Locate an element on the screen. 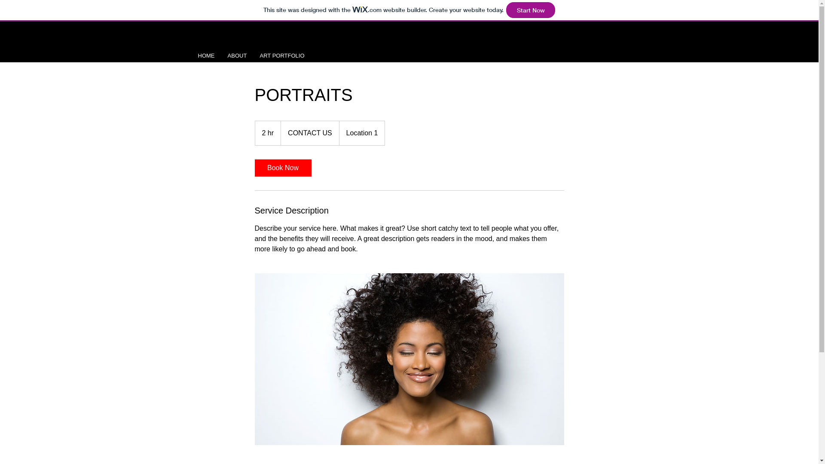  'ART PORTFOLIO' is located at coordinates (282, 56).